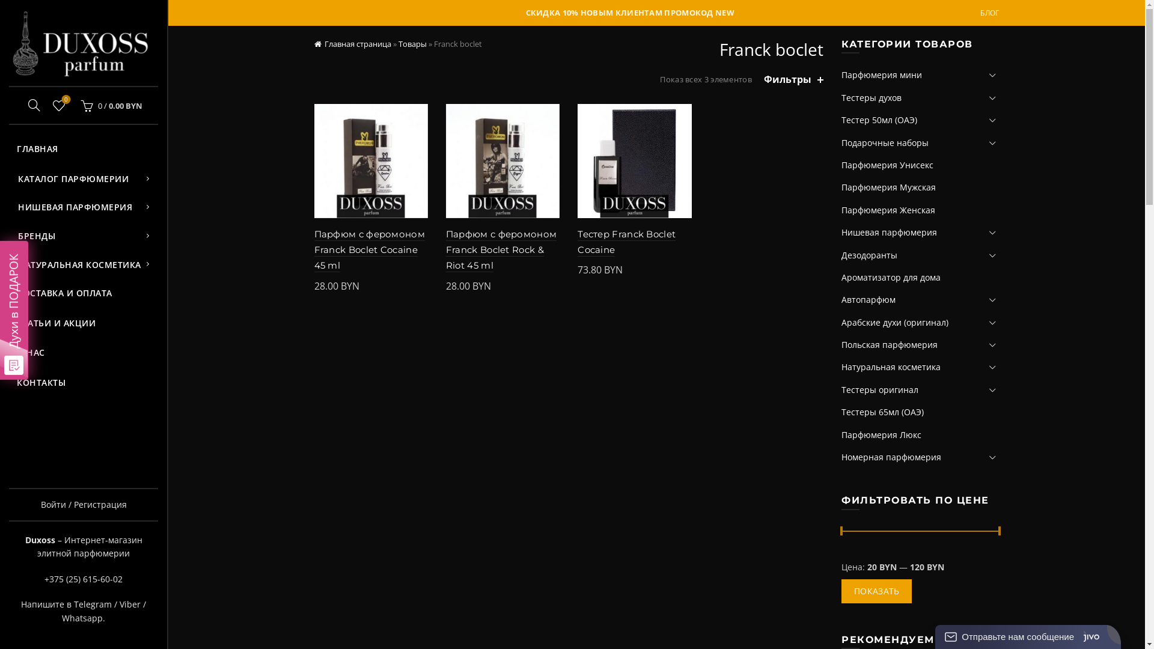 This screenshot has width=1154, height=649. I want to click on 'Viber', so click(130, 604).